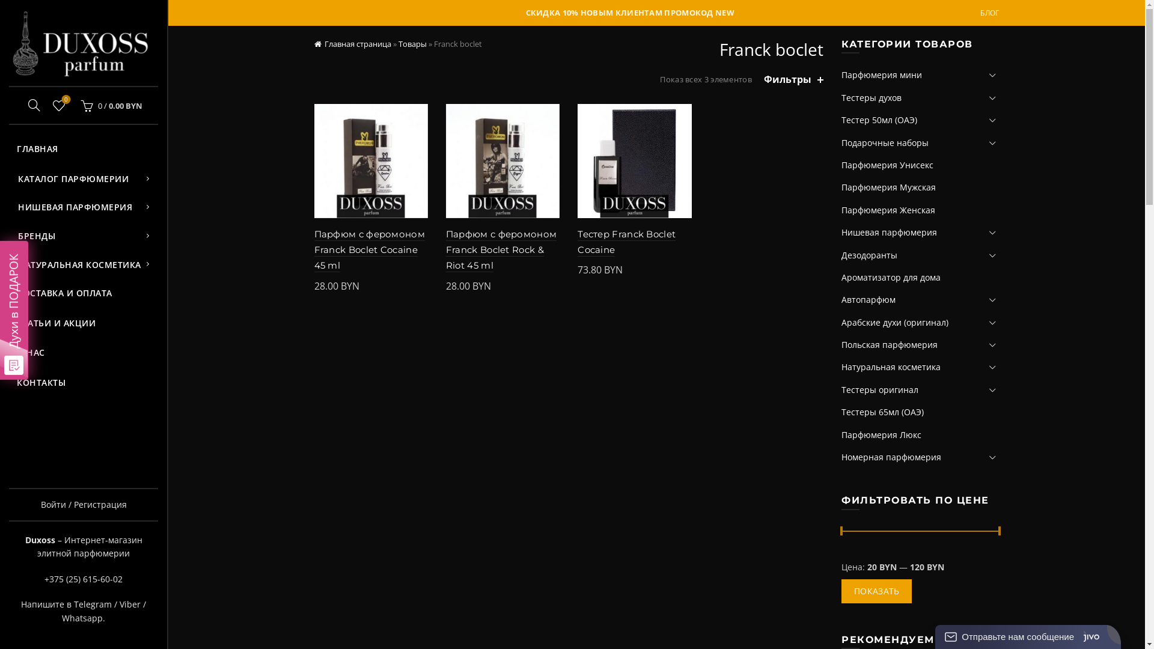 This screenshot has width=1154, height=649. I want to click on 'Viber', so click(130, 604).